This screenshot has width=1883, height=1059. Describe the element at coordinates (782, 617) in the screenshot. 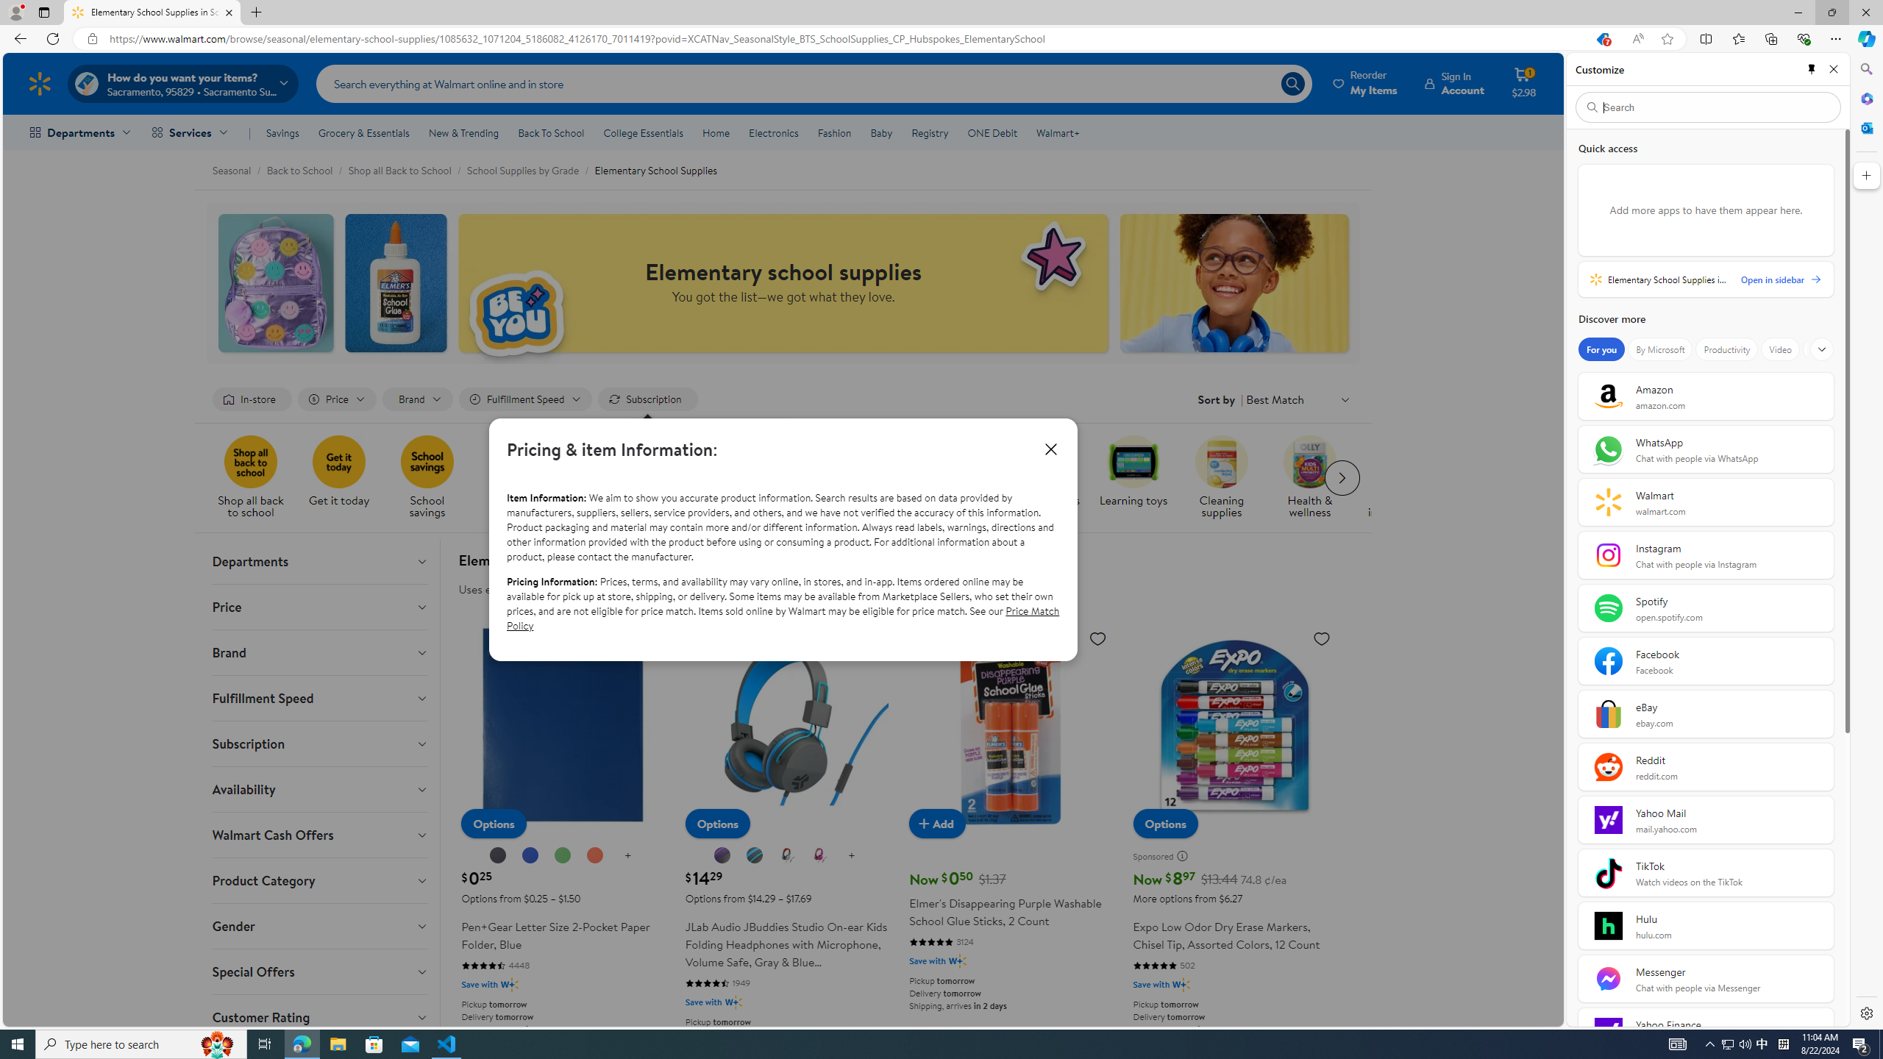

I see `'Price Match Policy'` at that location.